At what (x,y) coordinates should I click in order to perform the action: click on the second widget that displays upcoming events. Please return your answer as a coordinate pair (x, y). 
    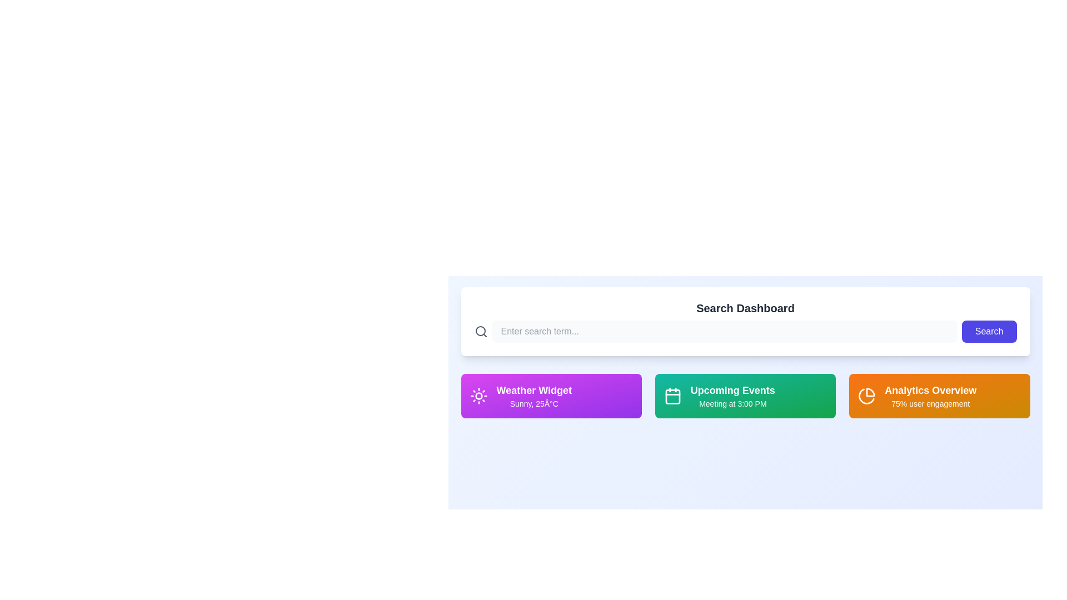
    Looking at the image, I should click on (745, 396).